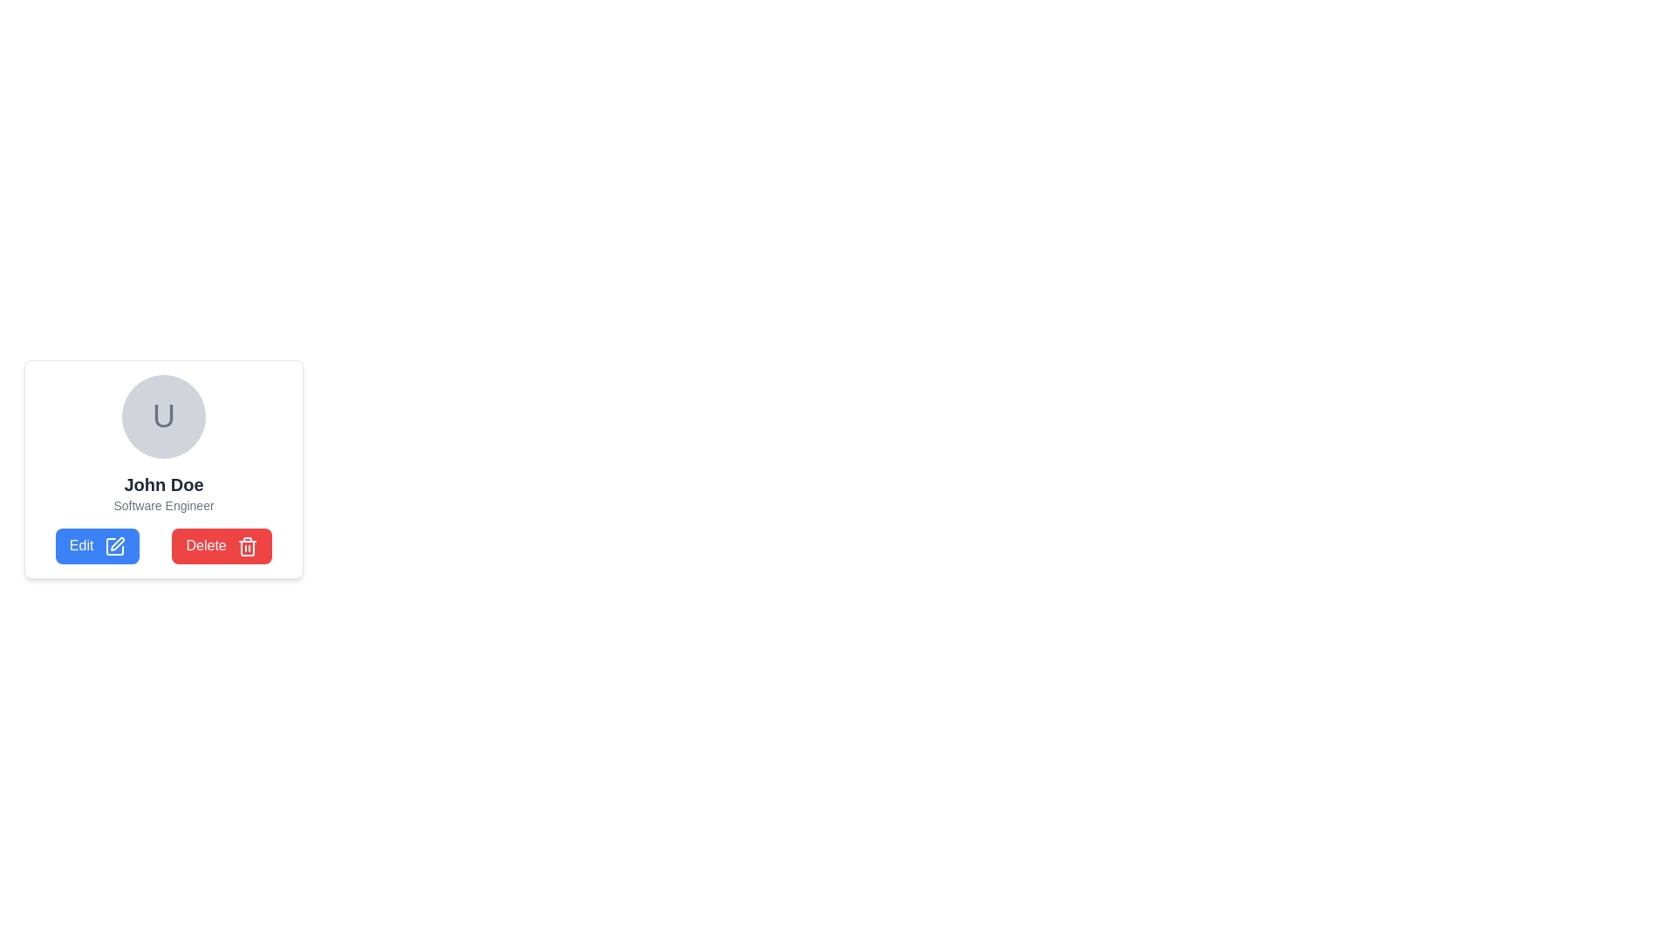 This screenshot has height=942, width=1675. What do you see at coordinates (113, 545) in the screenshot?
I see `the pencil icon next to the 'Edit' text` at bounding box center [113, 545].